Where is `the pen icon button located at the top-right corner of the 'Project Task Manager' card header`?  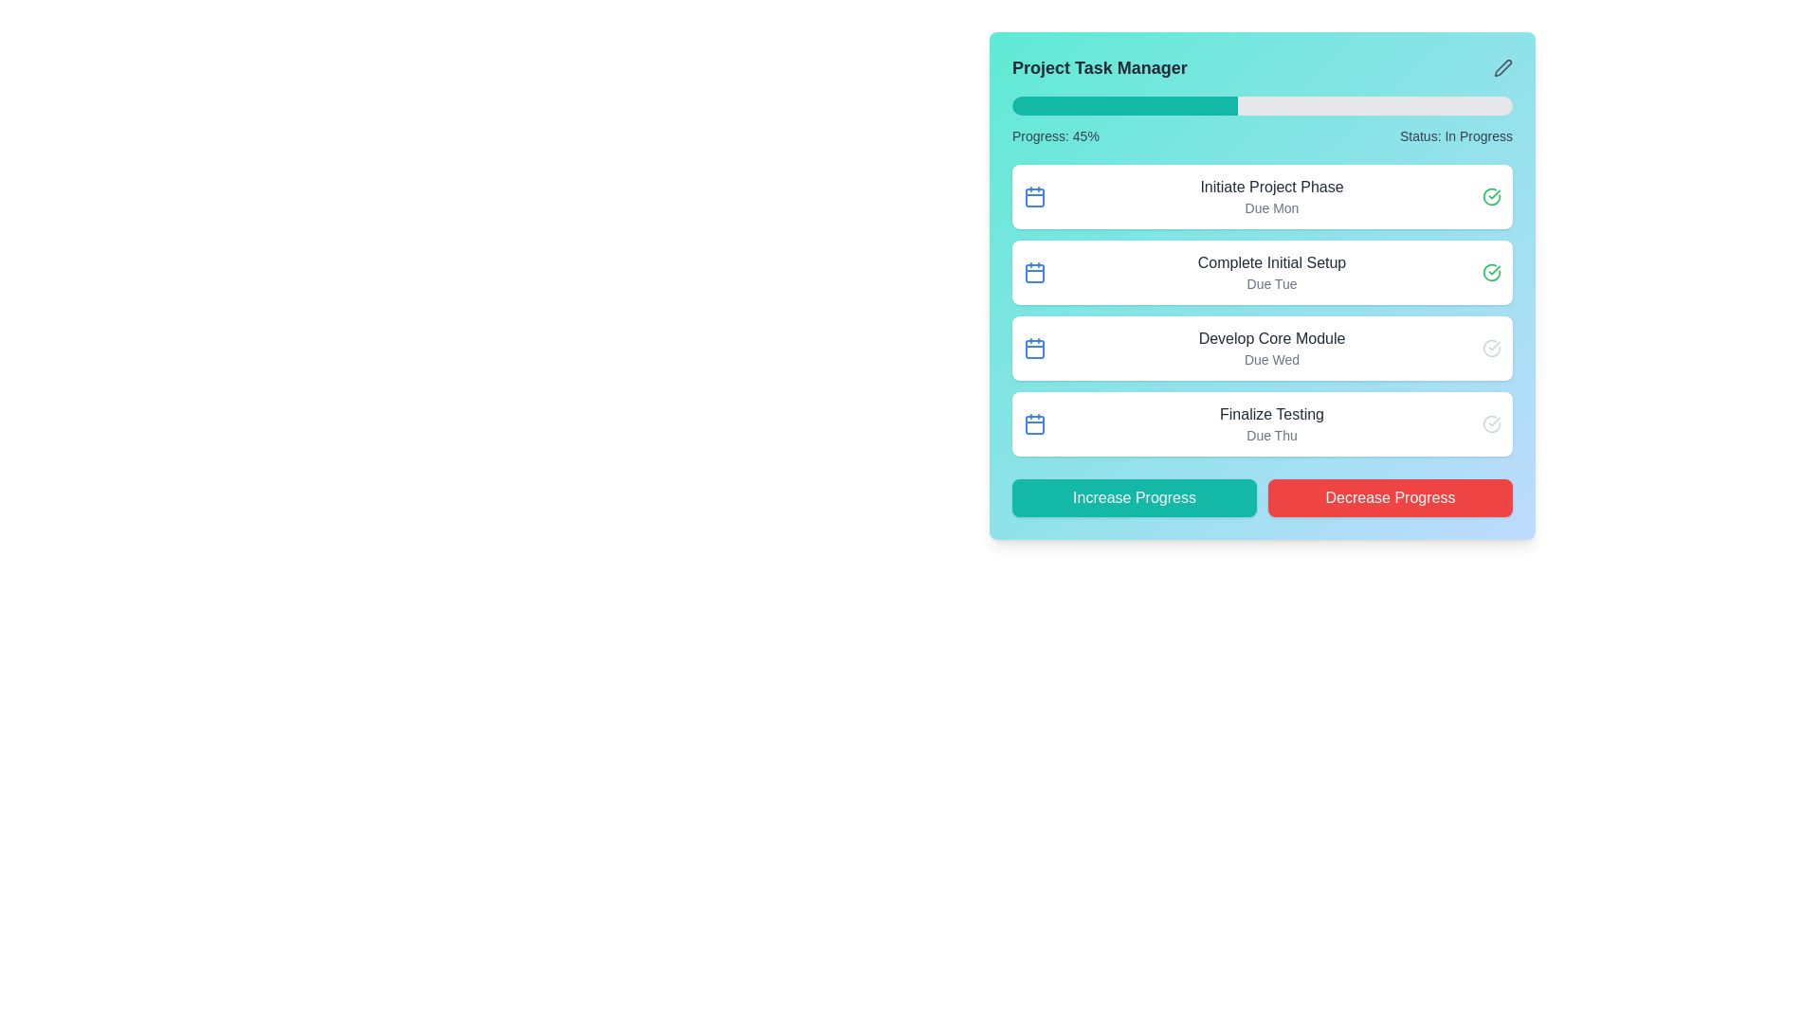
the pen icon button located at the top-right corner of the 'Project Task Manager' card header is located at coordinates (1501, 67).